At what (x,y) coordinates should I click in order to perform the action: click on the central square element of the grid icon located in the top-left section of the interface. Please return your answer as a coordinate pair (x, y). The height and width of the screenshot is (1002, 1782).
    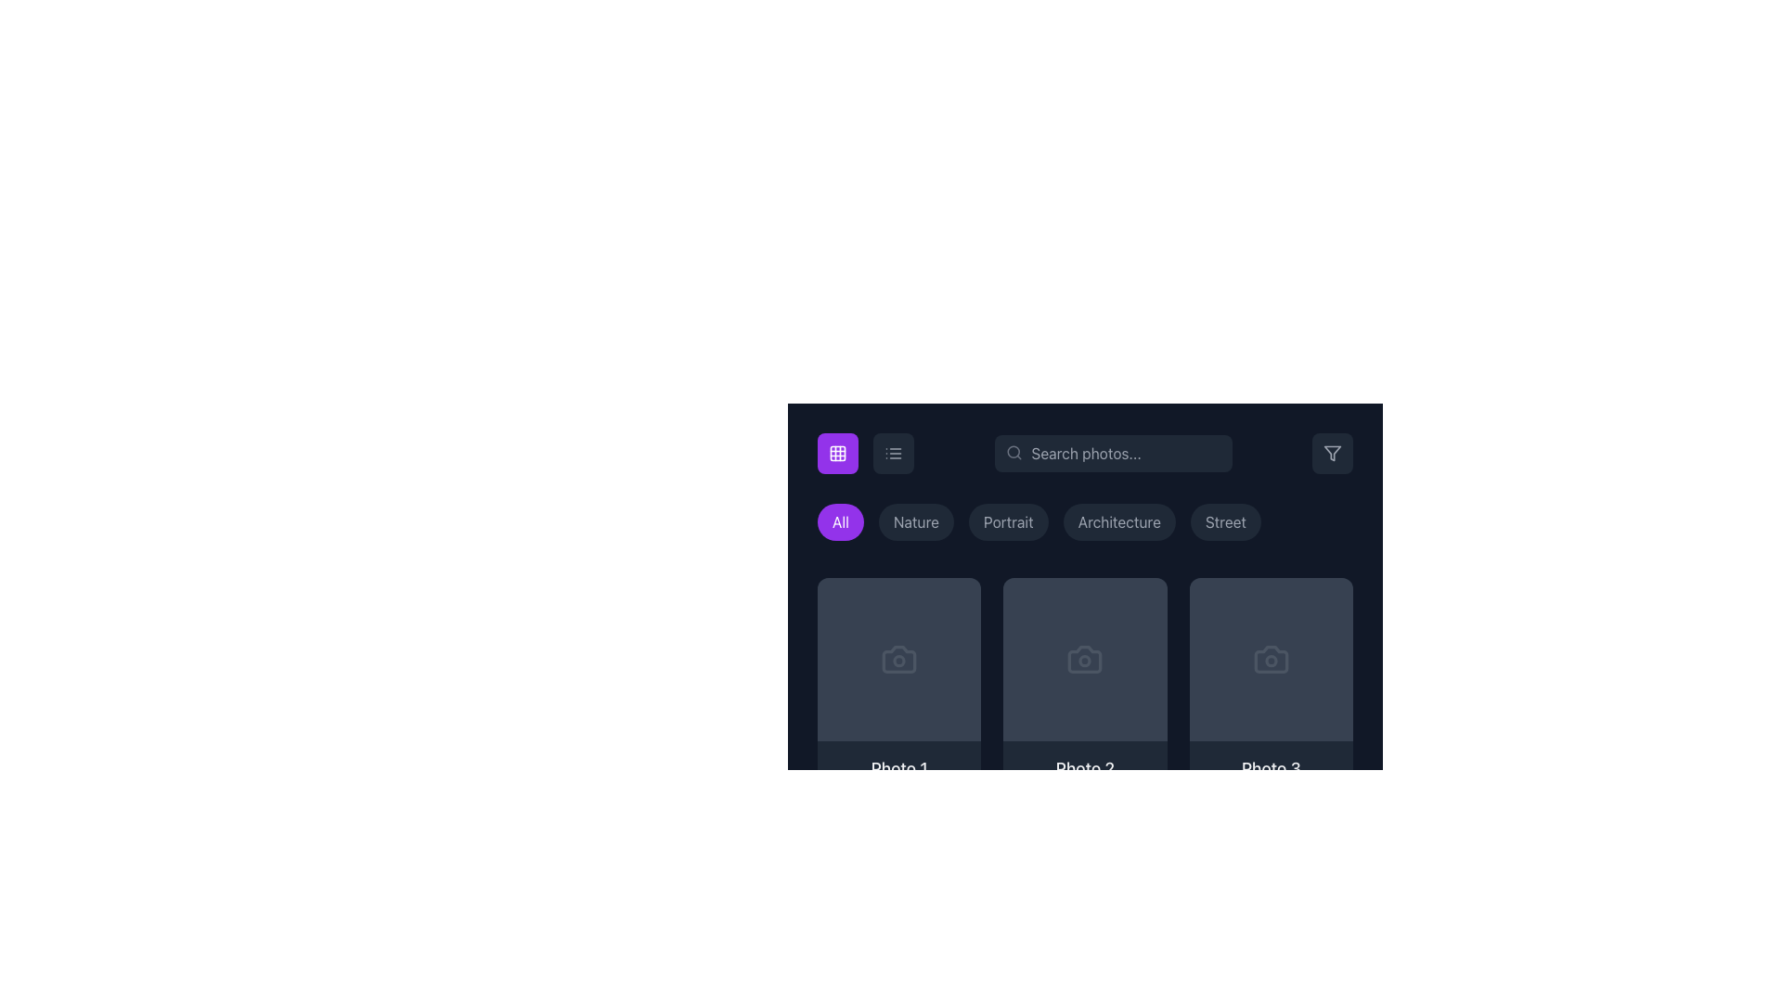
    Looking at the image, I should click on (836, 454).